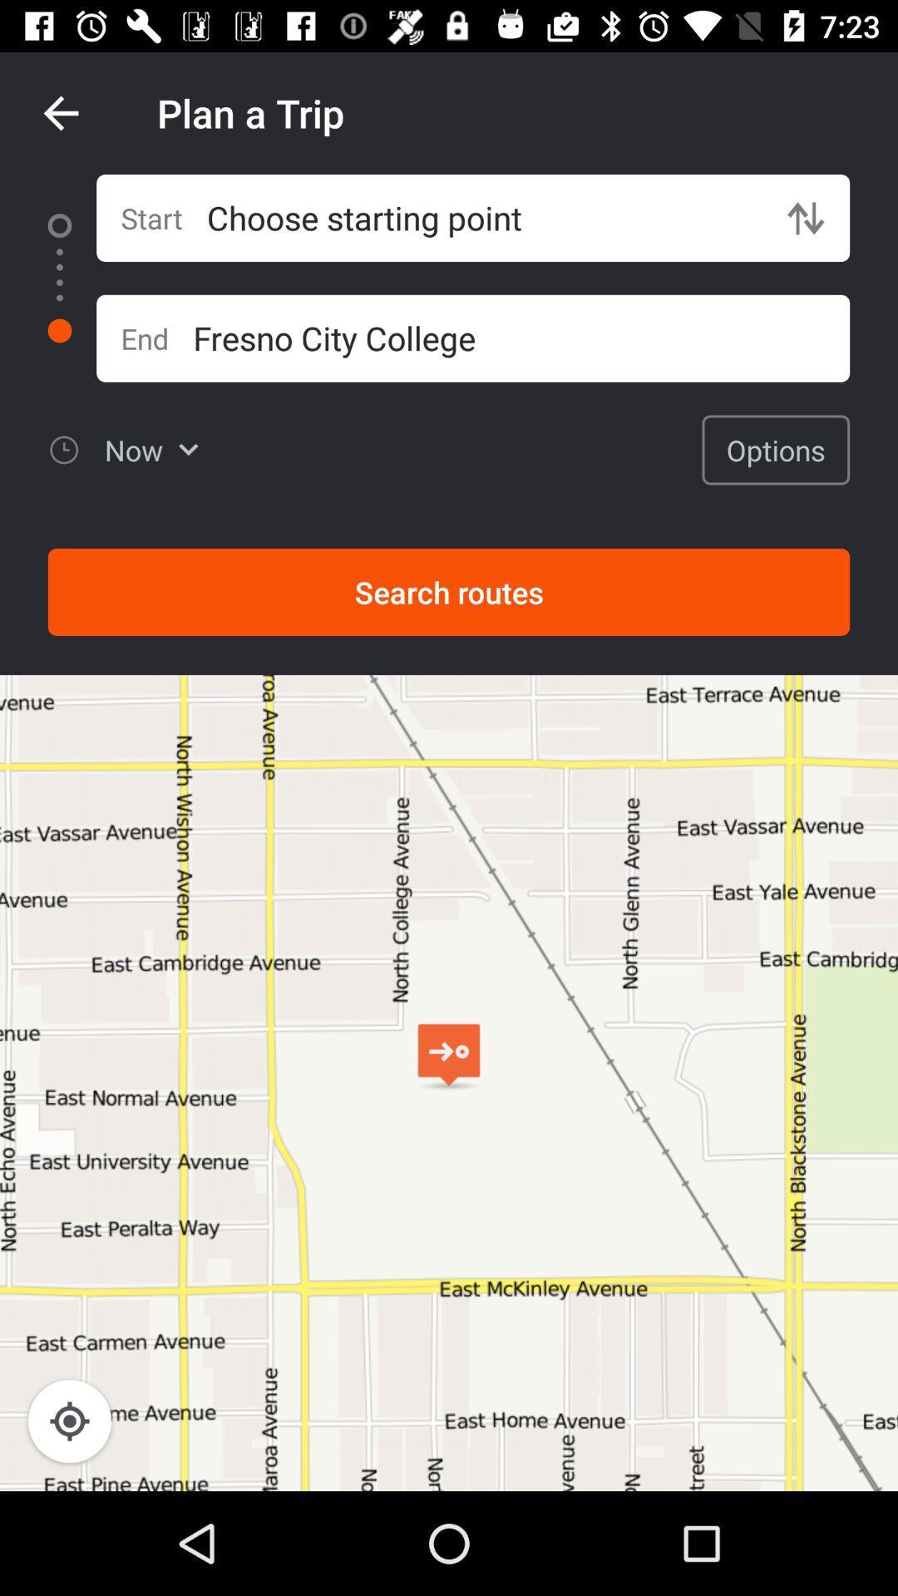  I want to click on location, so click(69, 1420).